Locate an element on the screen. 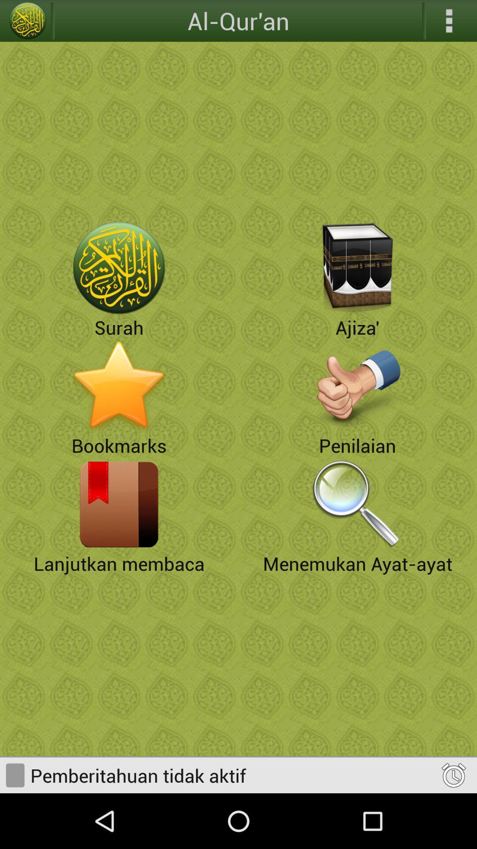 Image resolution: width=477 pixels, height=849 pixels. open bookmarks is located at coordinates (119, 386).